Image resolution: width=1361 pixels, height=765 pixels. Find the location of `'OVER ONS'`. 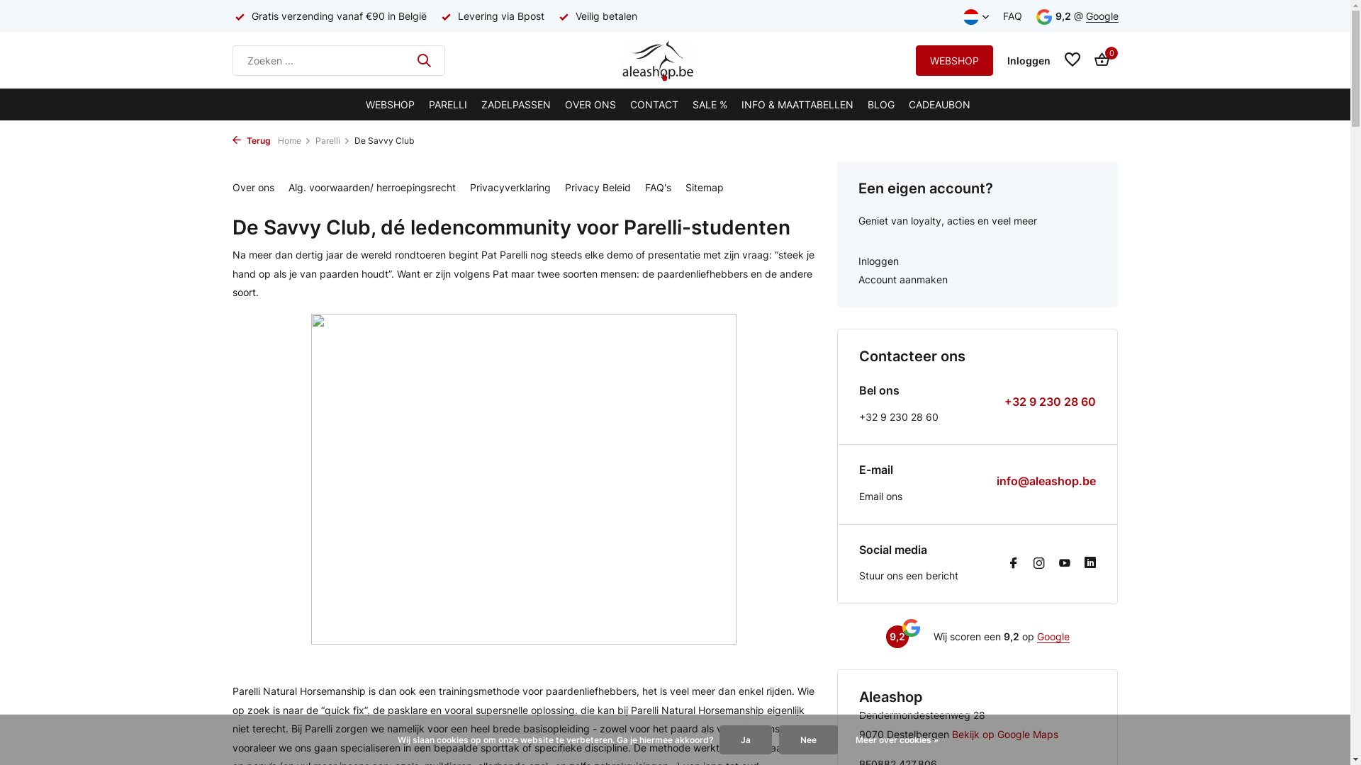

'OVER ONS' is located at coordinates (590, 103).